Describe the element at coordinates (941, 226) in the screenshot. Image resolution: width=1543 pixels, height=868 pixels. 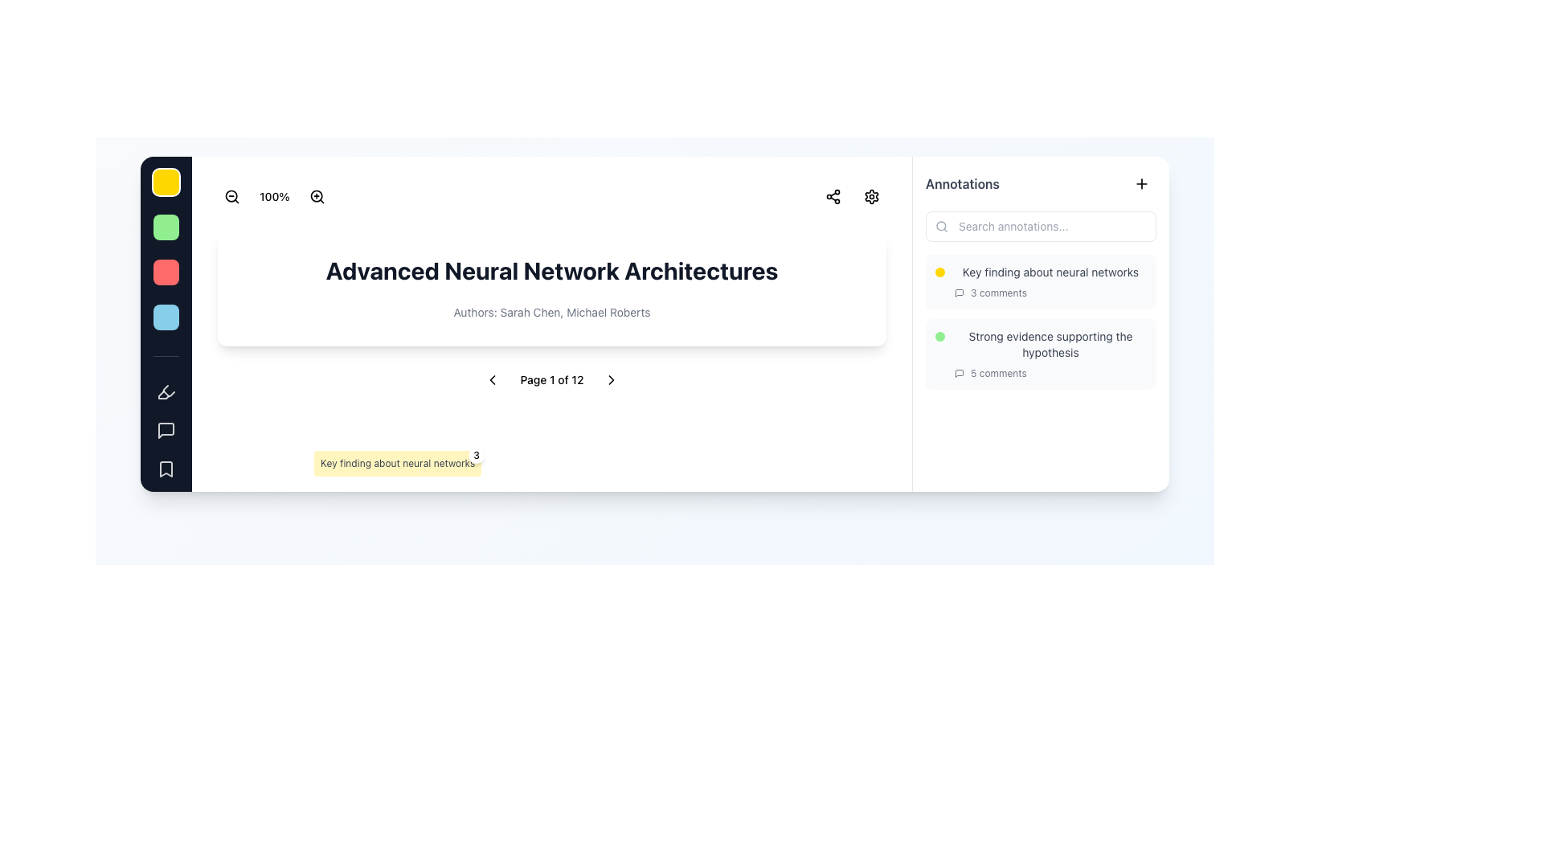
I see `magnifying glass icon, styled with a thin outline and positioned on the left side of the search bar, in the developer tools` at that location.